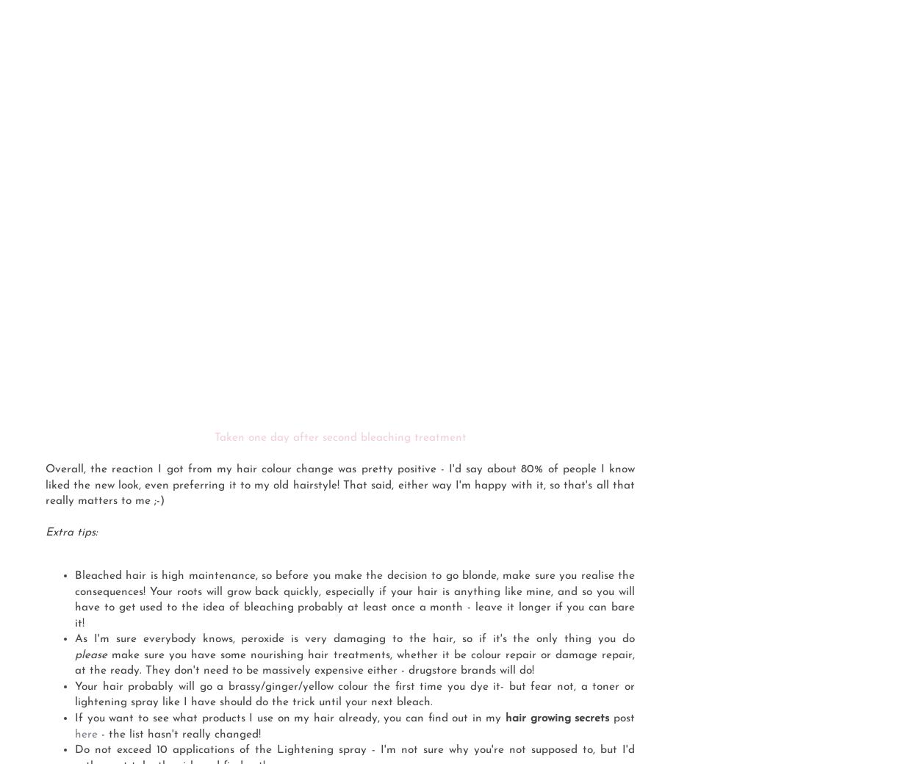 Image resolution: width=917 pixels, height=764 pixels. I want to click on 'Taken one day after second bleaching treatment', so click(339, 437).